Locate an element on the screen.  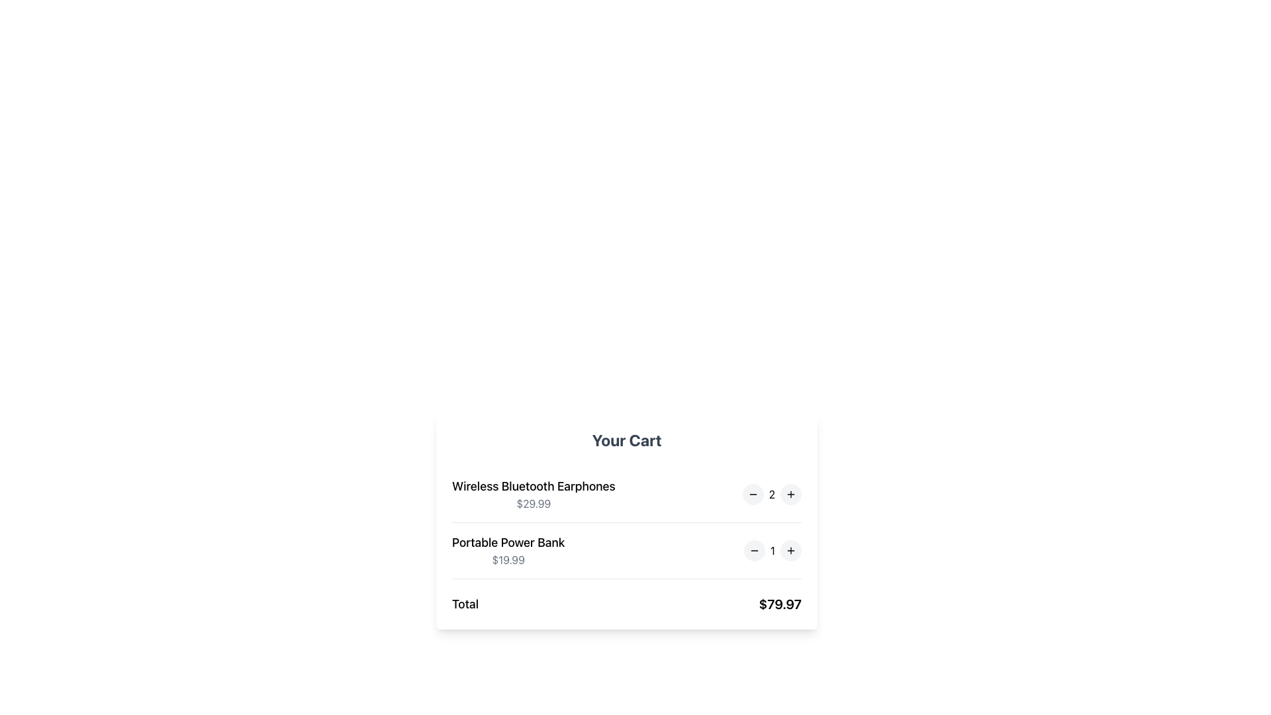
price displayed in the second shopping cart item, which is positioned below the 'Wireless Bluetooth Earphones' entry and above the 'Total' summary row in the 'Your Cart' section is located at coordinates (626, 551).